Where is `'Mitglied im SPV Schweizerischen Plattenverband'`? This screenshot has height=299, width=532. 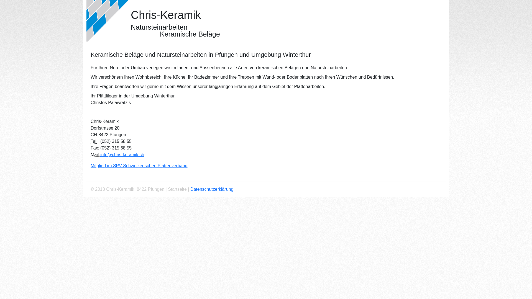
'Mitglied im SPV Schweizerischen Plattenverband' is located at coordinates (139, 165).